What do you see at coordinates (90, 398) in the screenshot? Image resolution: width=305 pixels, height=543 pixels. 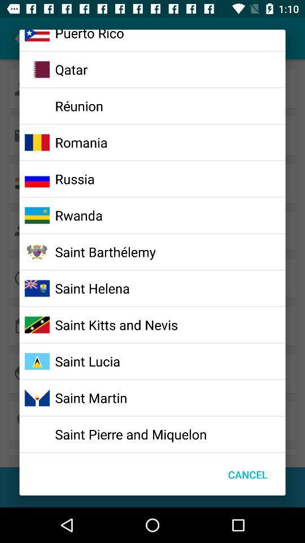 I see `the item above saint pierre and item` at bounding box center [90, 398].